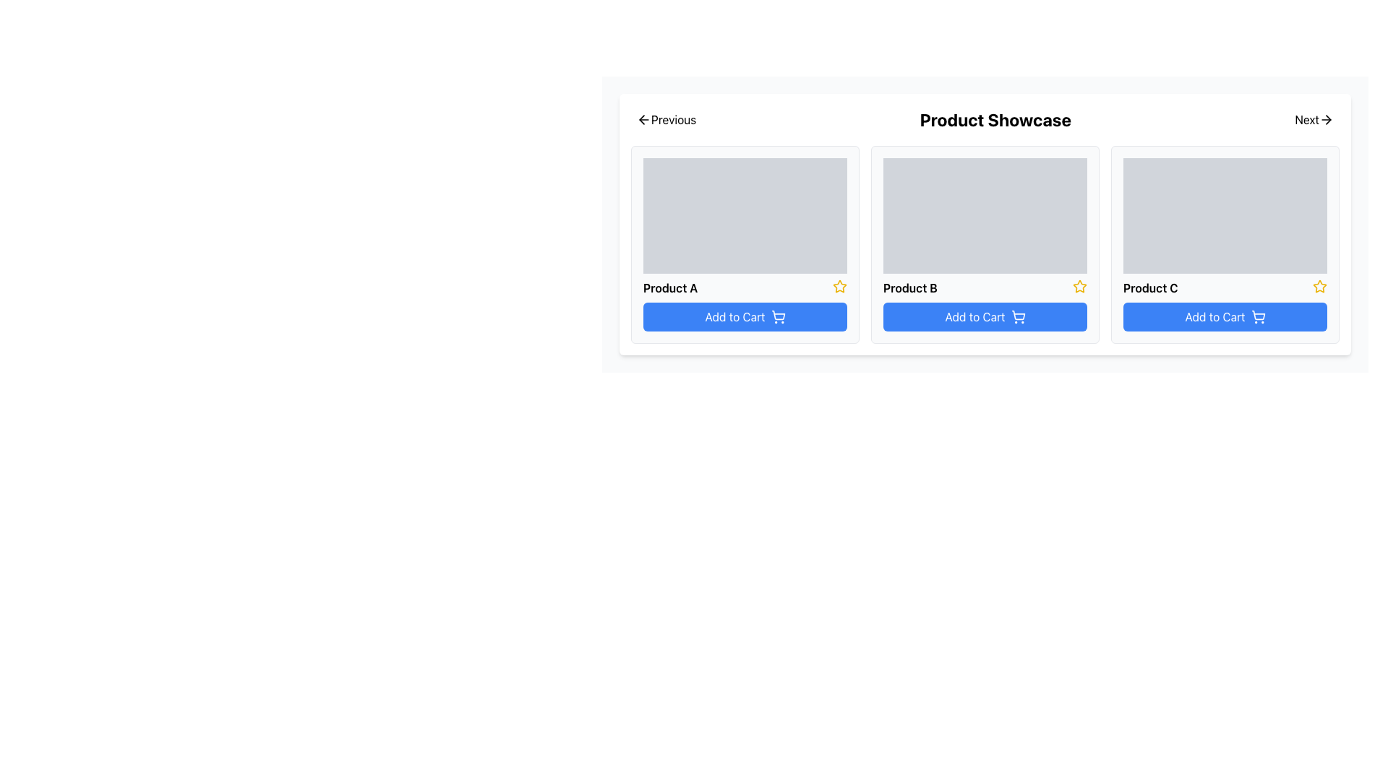 The image size is (1388, 780). What do you see at coordinates (995, 118) in the screenshot?
I see `the 'Product Showcase' text label, which is a prominent element in the navigation panel at the center top of the product display section` at bounding box center [995, 118].